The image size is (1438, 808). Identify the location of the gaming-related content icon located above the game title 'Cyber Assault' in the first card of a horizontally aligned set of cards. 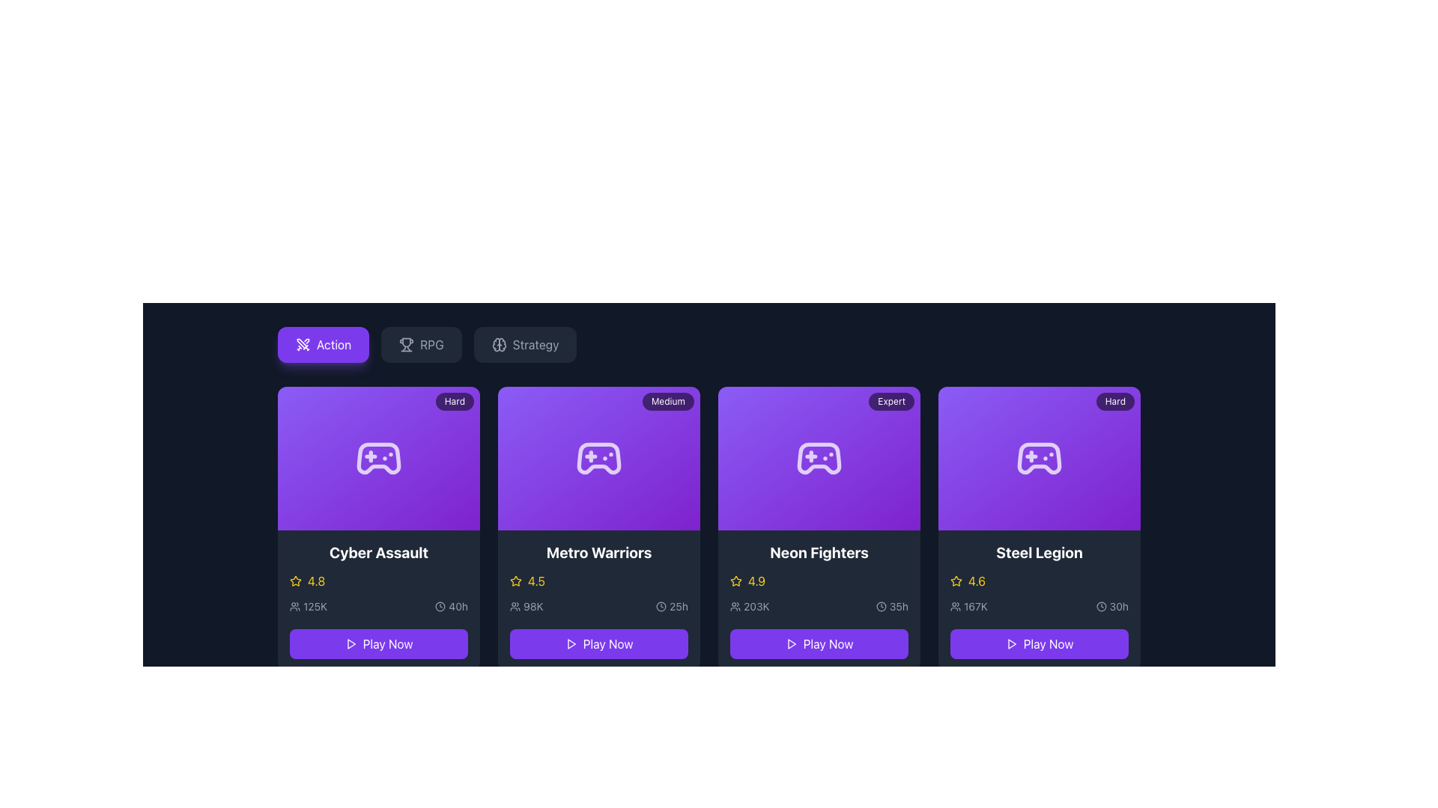
(378, 458).